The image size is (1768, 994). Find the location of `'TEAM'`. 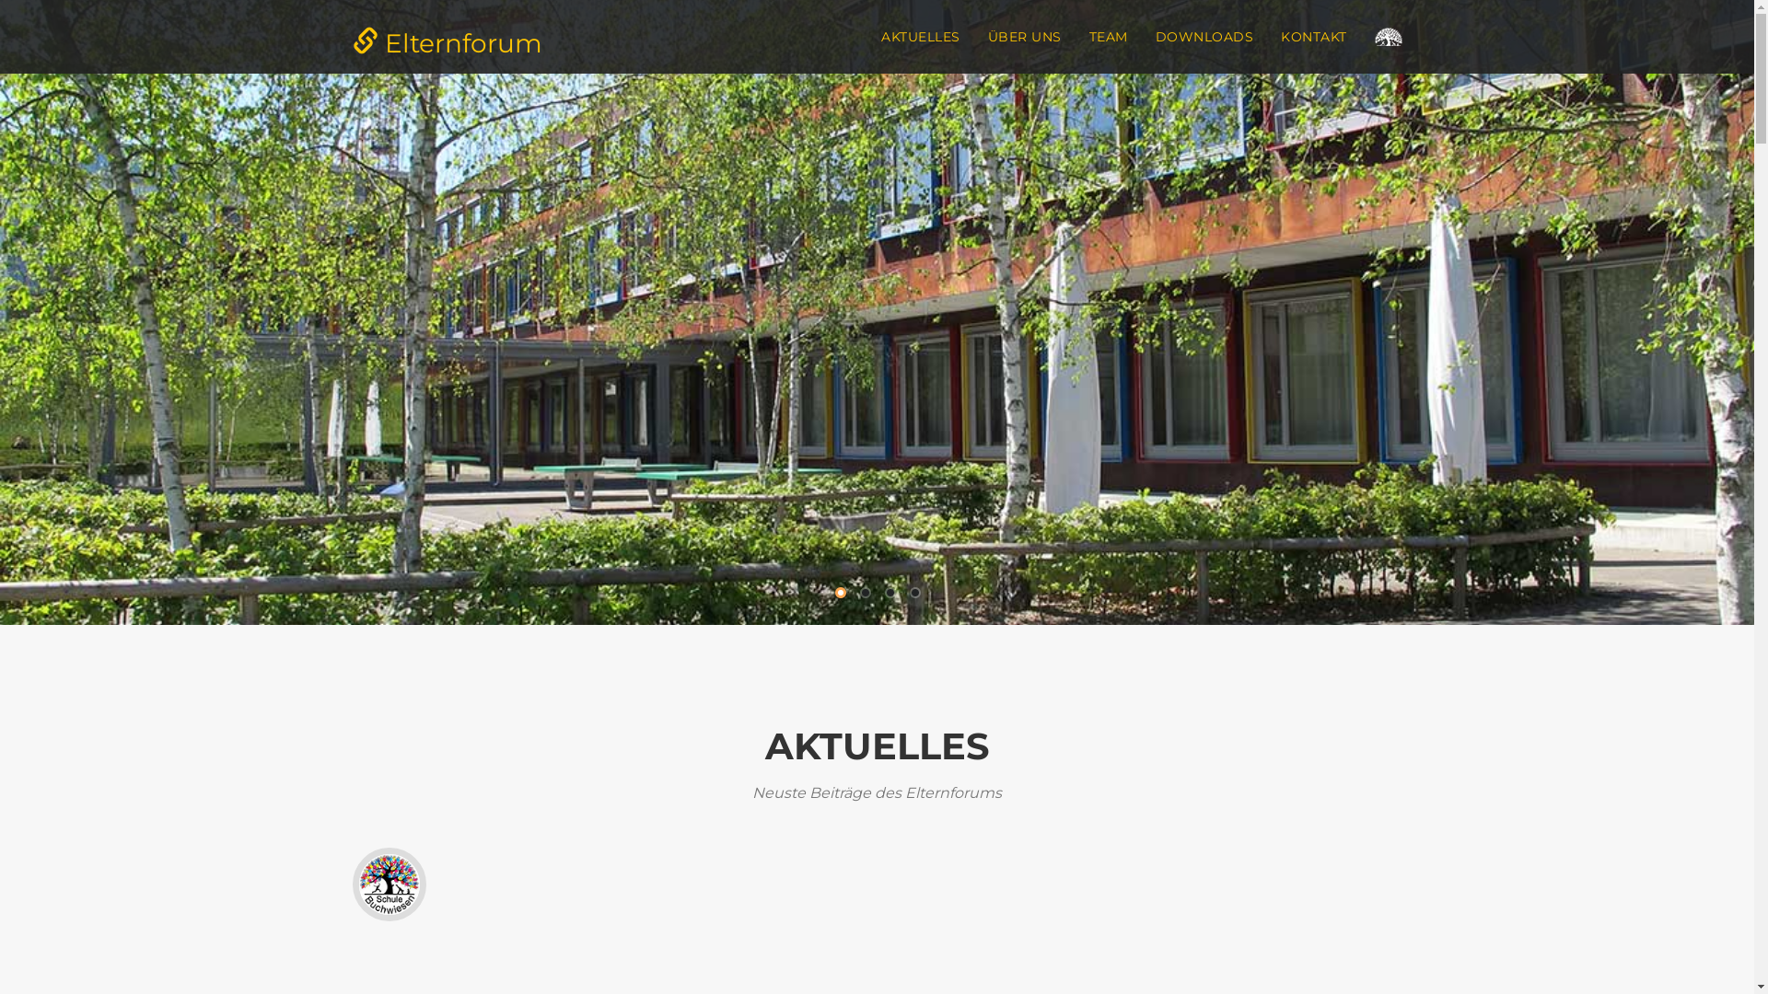

'TEAM' is located at coordinates (1108, 36).